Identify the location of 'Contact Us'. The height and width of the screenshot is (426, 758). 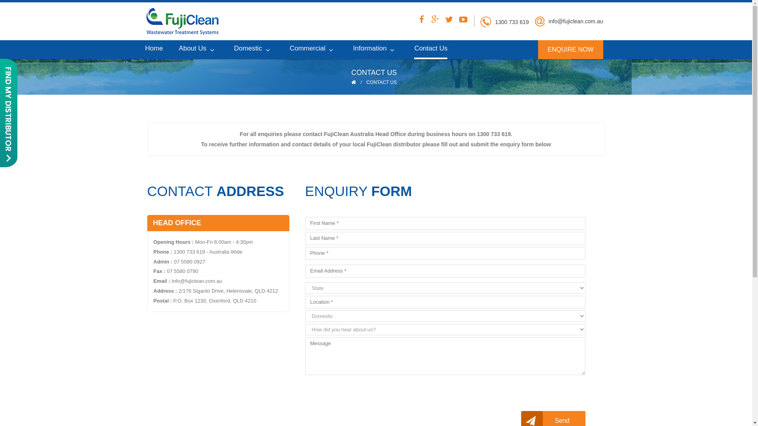
(430, 50).